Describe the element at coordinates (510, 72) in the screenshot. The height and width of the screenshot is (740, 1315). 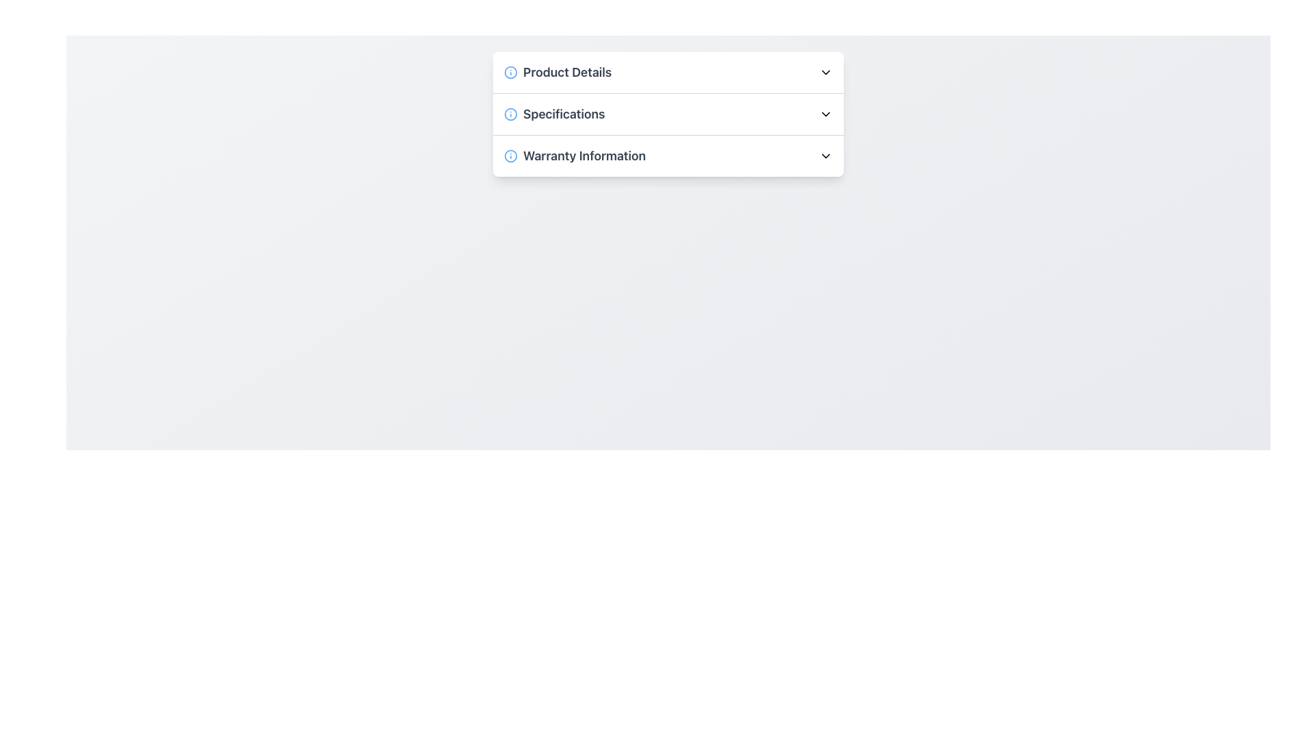
I see `the icon located in the 'Product Details' section, which is the leftmost item in the row and positioned slightly above and left-aligned with the text` at that location.